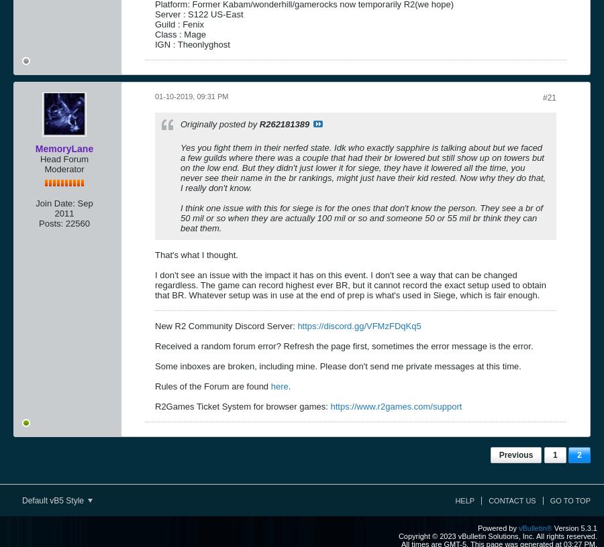  Describe the element at coordinates (343, 345) in the screenshot. I see `'Received a random forum error? Refresh the page first, sometimes the error message is the error.'` at that location.